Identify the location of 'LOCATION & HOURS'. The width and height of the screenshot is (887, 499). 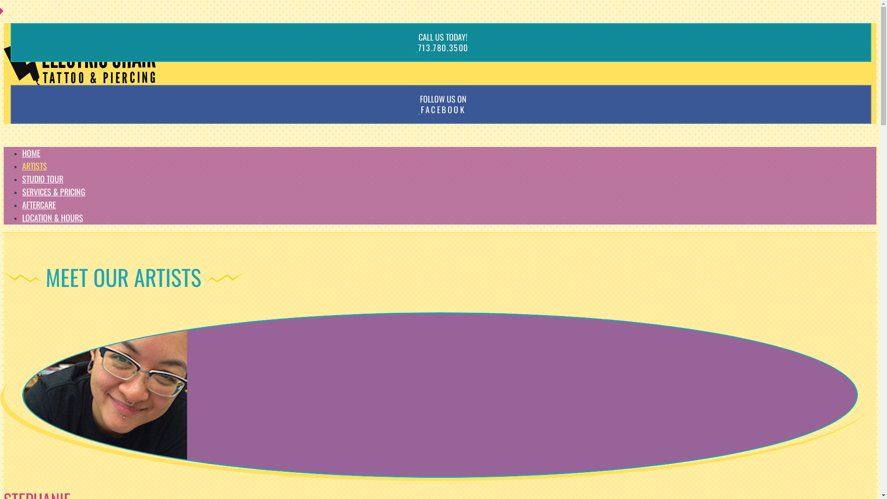
(52, 217).